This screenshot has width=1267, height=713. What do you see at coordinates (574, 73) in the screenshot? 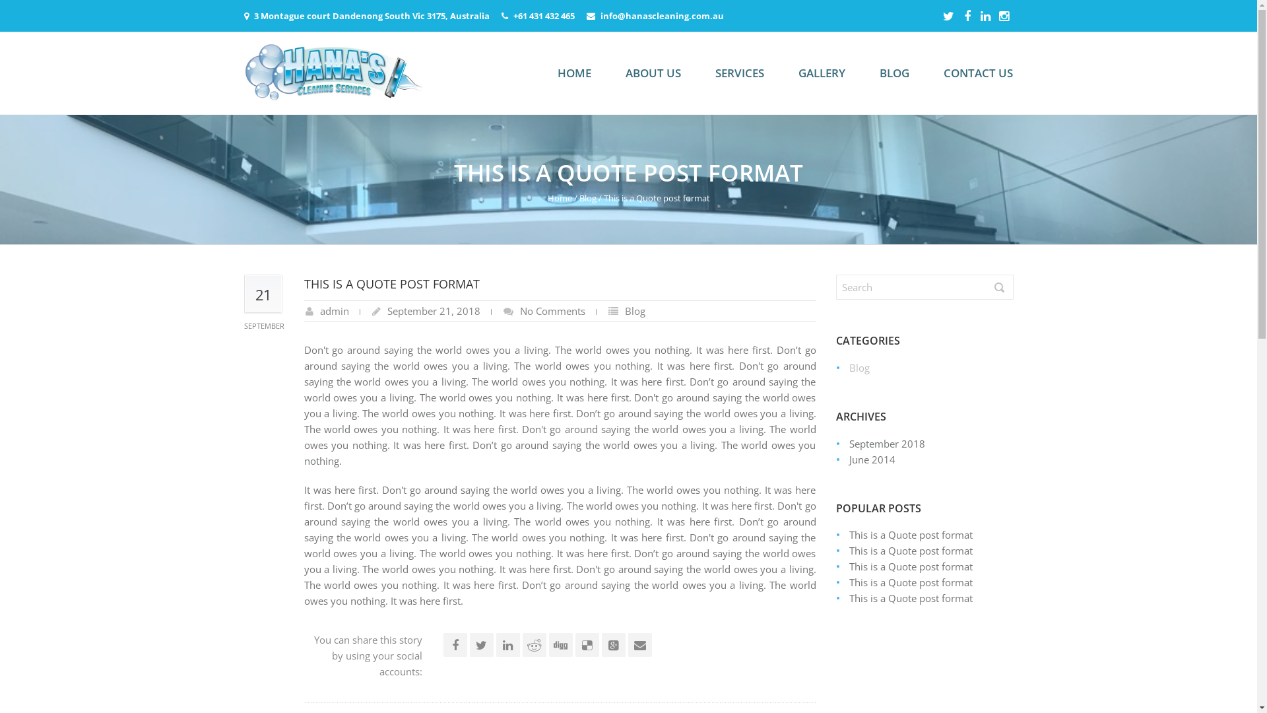
I see `'HOME'` at bounding box center [574, 73].